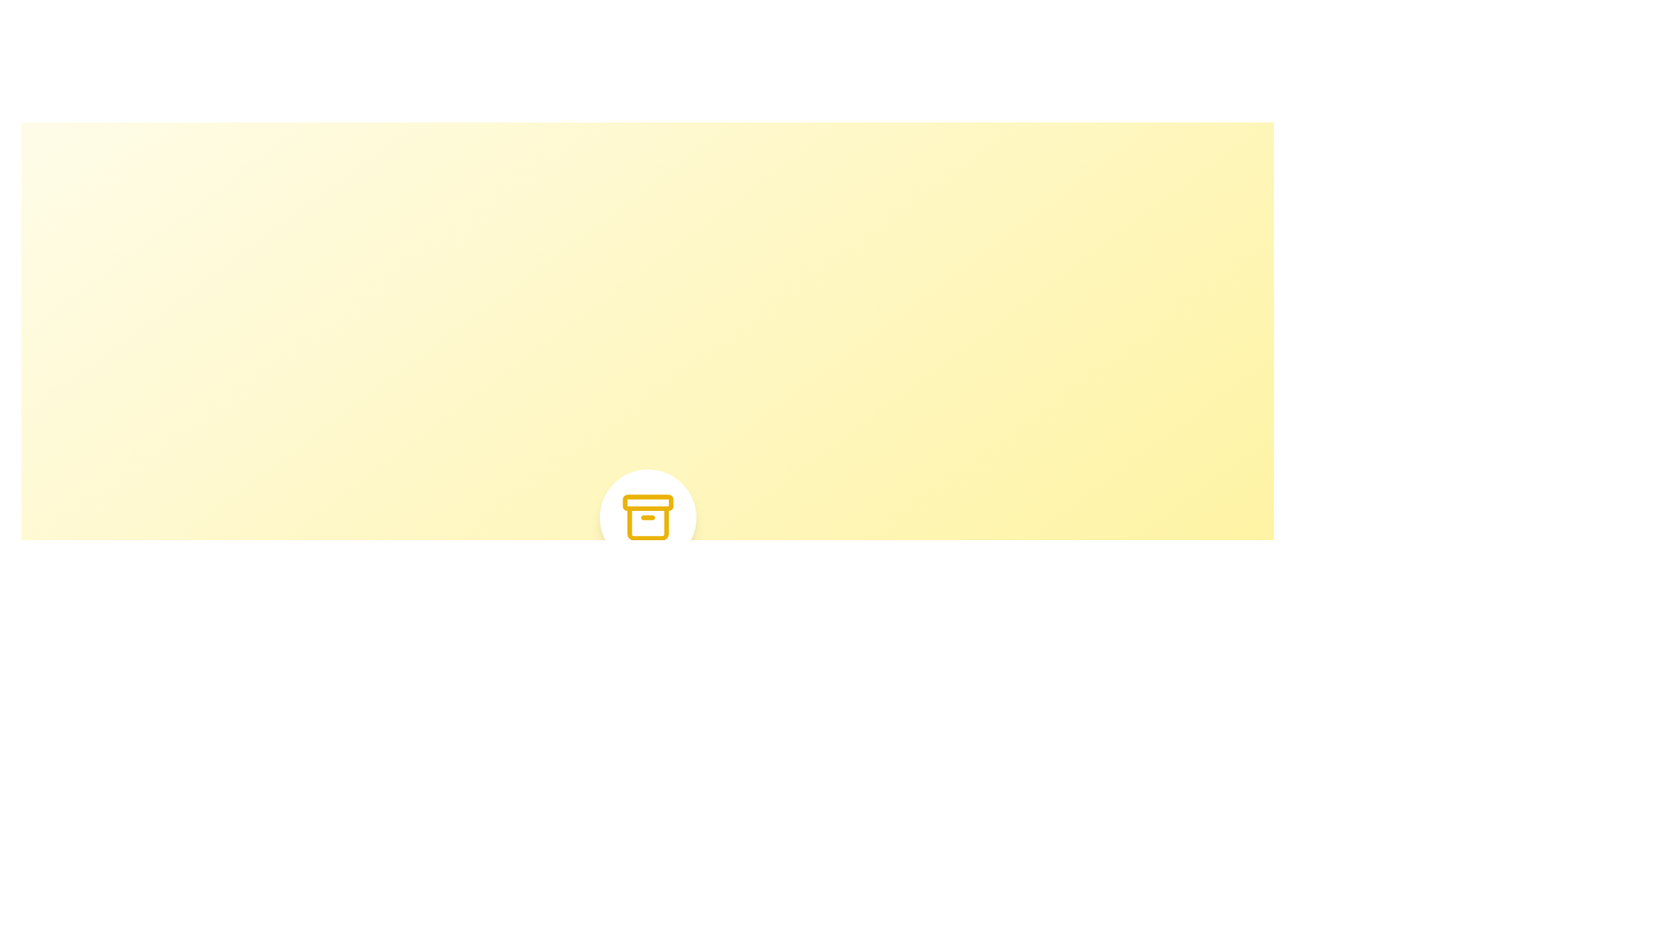 The height and width of the screenshot is (932, 1657). What do you see at coordinates (646, 517) in the screenshot?
I see `the circular card-like icon with a white background and a yellow archive box symbol at its center, located above the 'No Items Available' text and action buttons` at bounding box center [646, 517].